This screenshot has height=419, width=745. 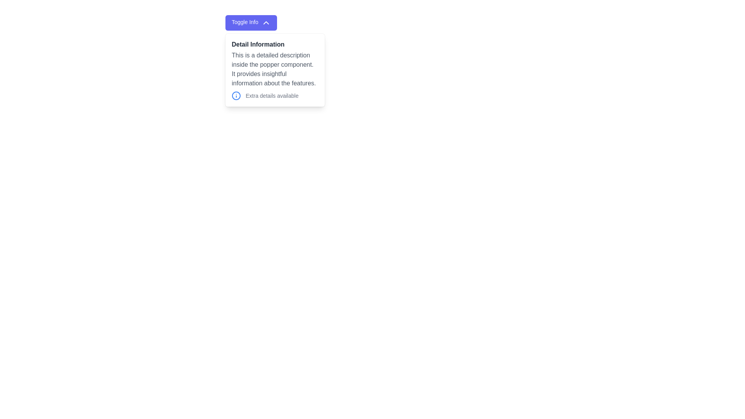 I want to click on the graphical icon element that represents an information icon, which is part of an SVG graphic and located below the 'Toggle Info' button, so click(x=236, y=95).